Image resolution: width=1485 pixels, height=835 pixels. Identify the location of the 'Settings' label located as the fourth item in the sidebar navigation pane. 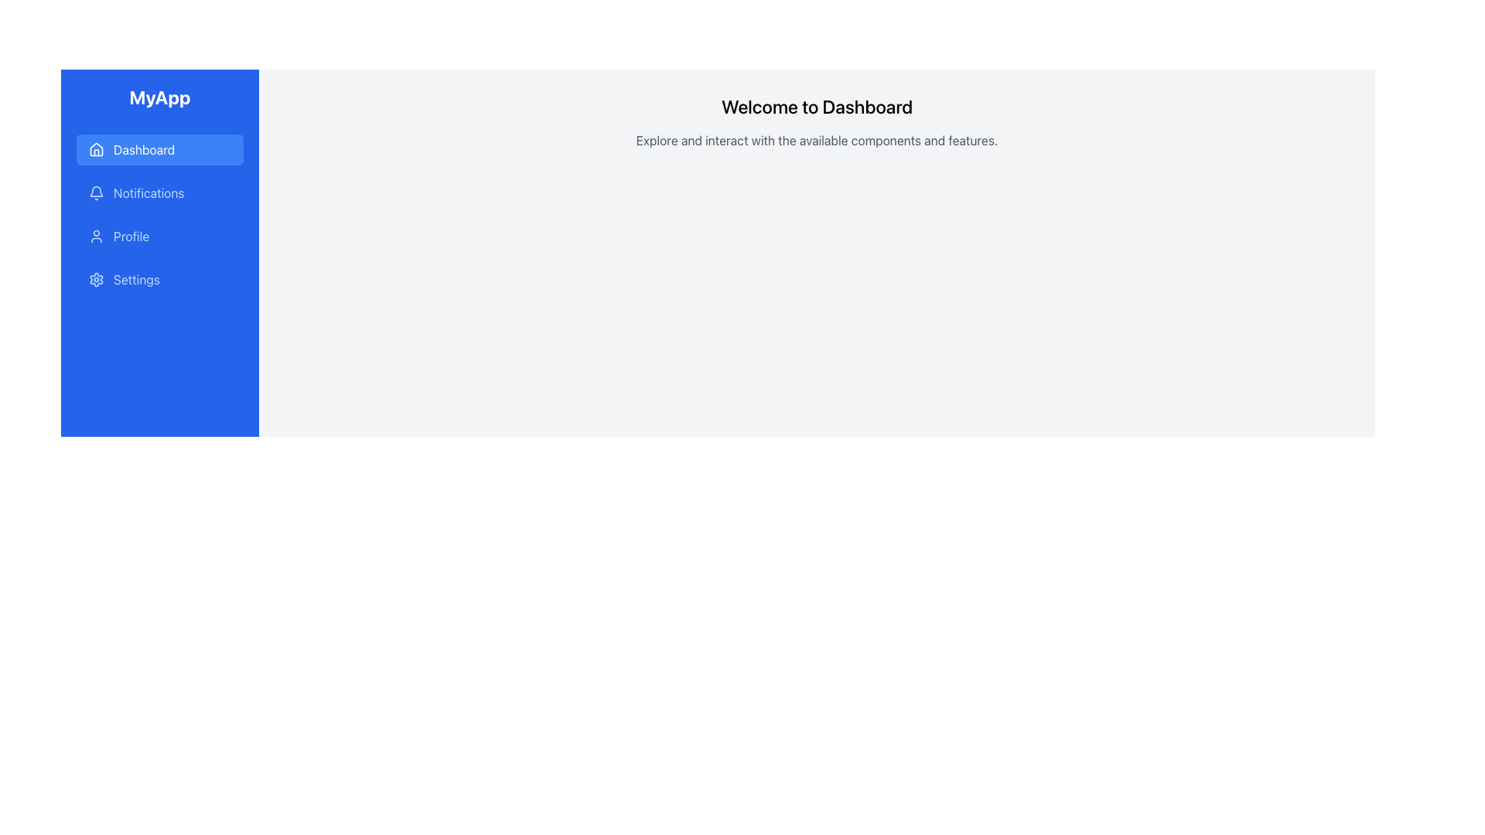
(137, 280).